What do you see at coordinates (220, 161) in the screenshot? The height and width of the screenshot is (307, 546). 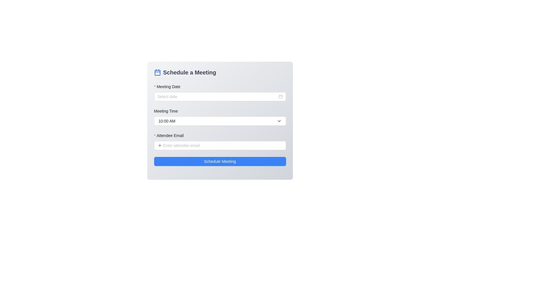 I see `the submission button located at the bottom of the 'Schedule a Meeting' form` at bounding box center [220, 161].